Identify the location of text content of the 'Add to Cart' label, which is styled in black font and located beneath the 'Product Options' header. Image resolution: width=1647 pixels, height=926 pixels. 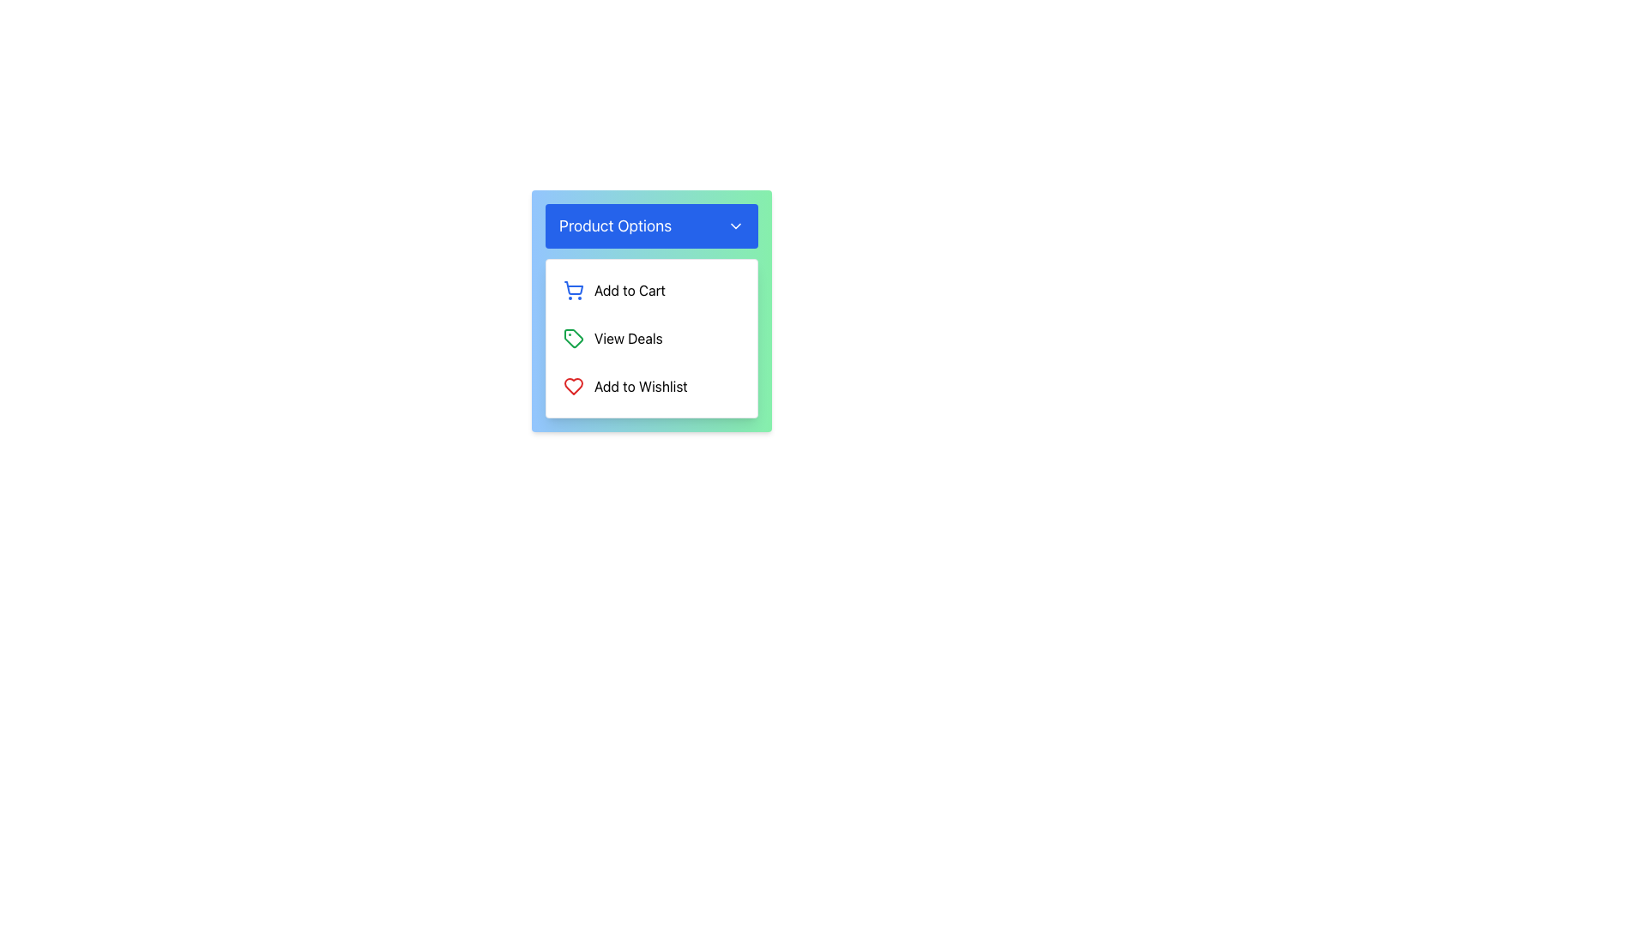
(629, 290).